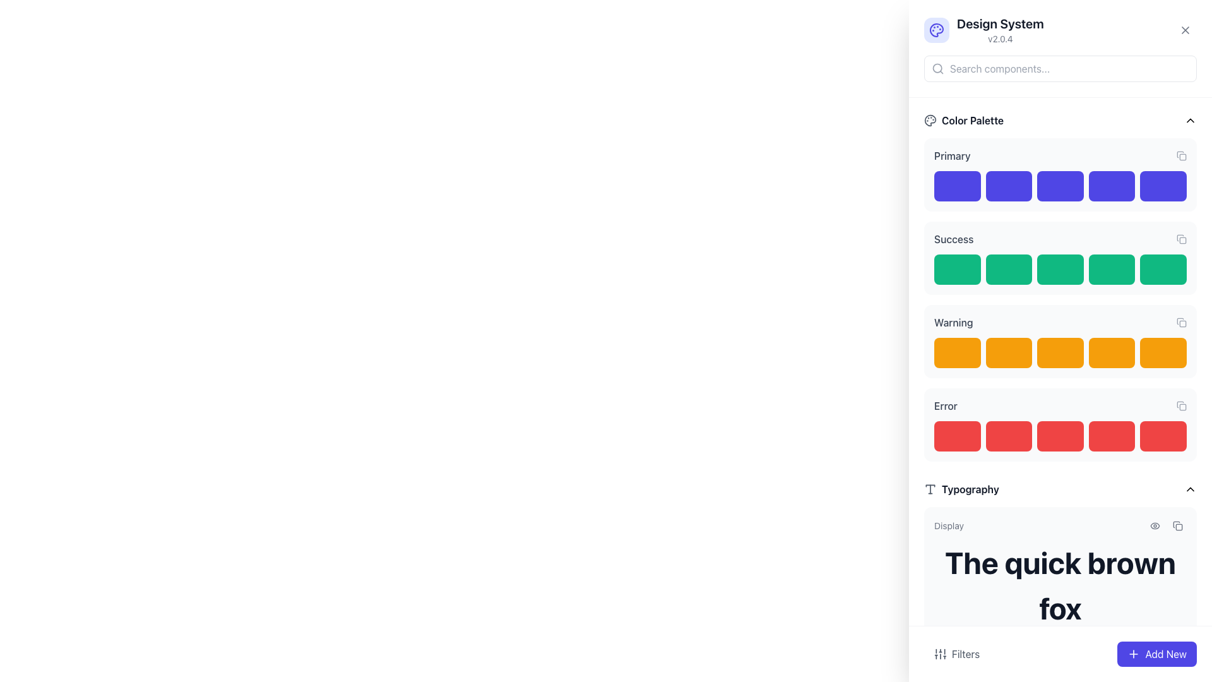  Describe the element at coordinates (1165, 654) in the screenshot. I see `the 'Add New' button` at that location.